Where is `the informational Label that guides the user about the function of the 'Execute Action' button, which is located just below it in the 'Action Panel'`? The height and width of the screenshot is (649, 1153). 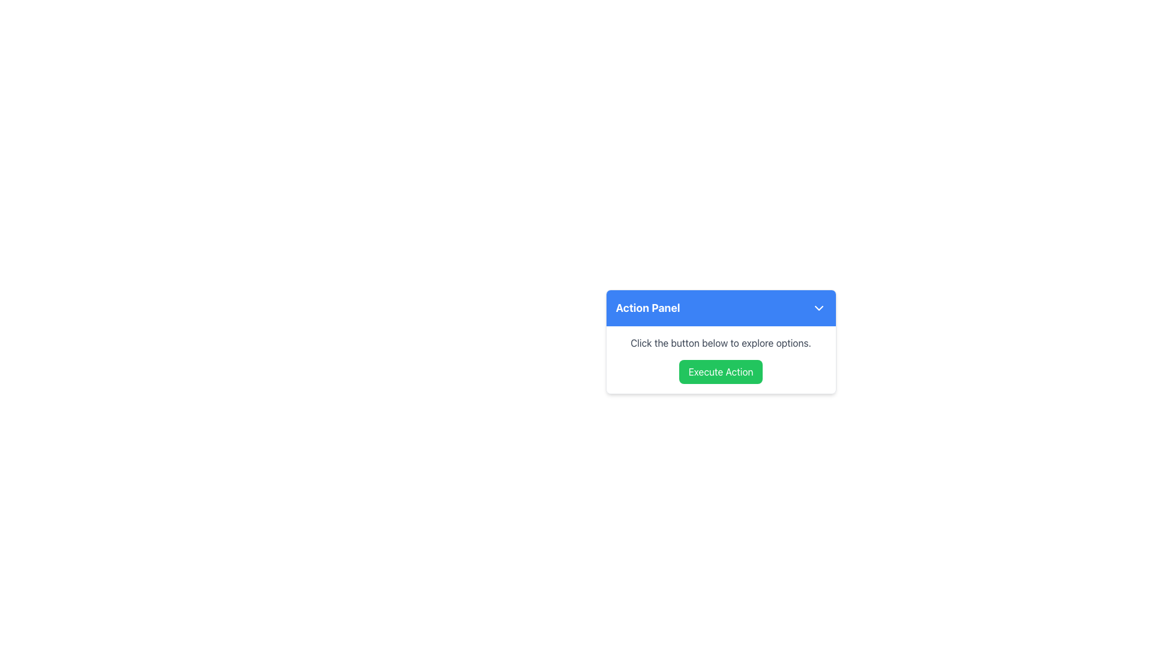 the informational Label that guides the user about the function of the 'Execute Action' button, which is located just below it in the 'Action Panel' is located at coordinates (721, 343).